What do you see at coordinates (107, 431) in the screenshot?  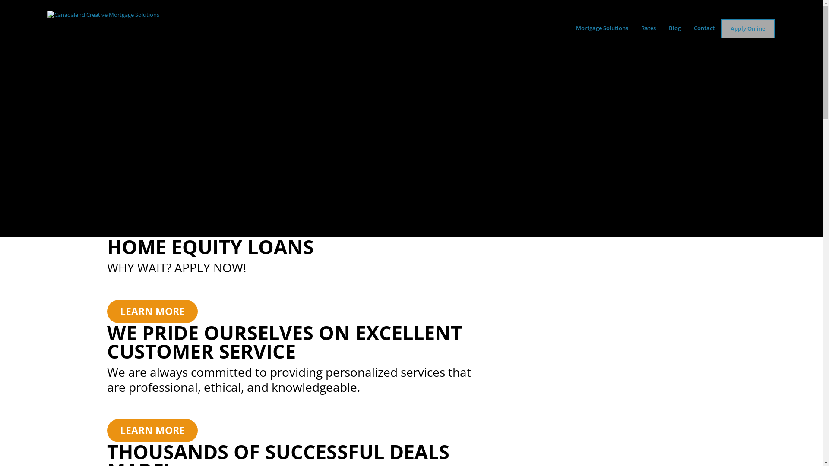 I see `'LEARN MORE'` at bounding box center [107, 431].